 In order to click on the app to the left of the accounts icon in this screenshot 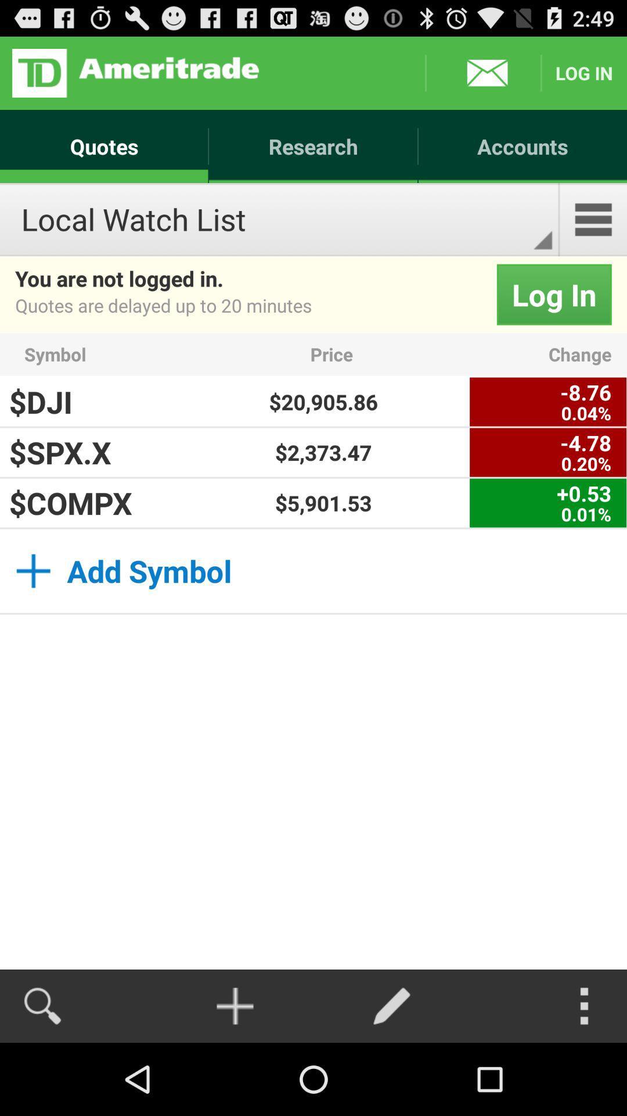, I will do `click(135, 72)`.